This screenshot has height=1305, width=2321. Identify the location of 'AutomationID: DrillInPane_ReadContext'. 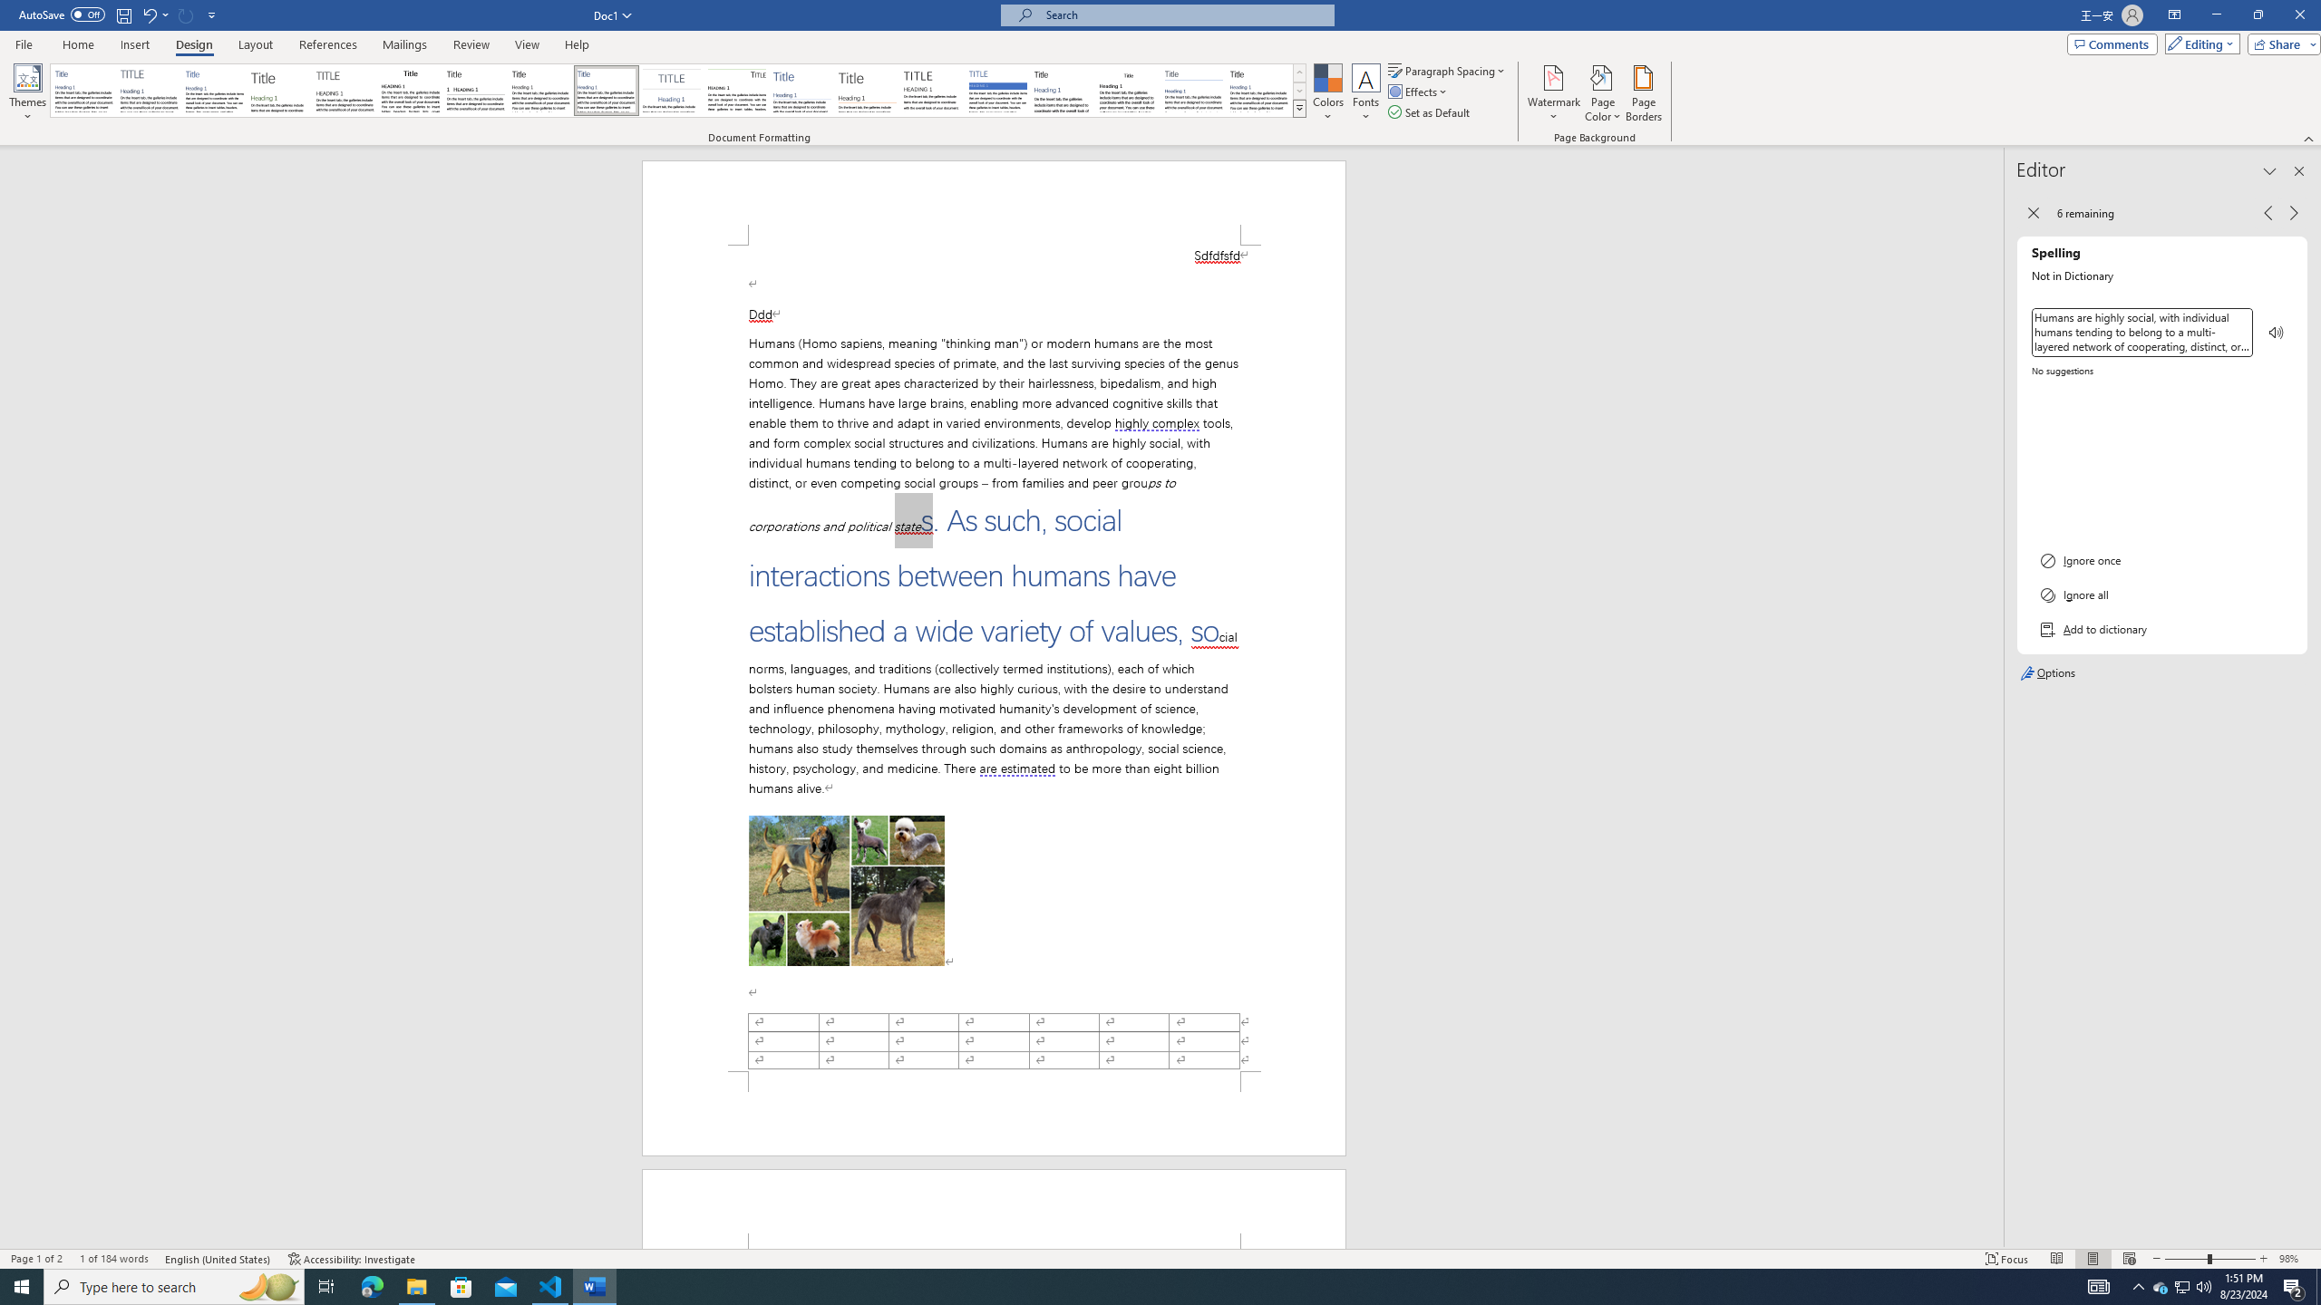
(2277, 331).